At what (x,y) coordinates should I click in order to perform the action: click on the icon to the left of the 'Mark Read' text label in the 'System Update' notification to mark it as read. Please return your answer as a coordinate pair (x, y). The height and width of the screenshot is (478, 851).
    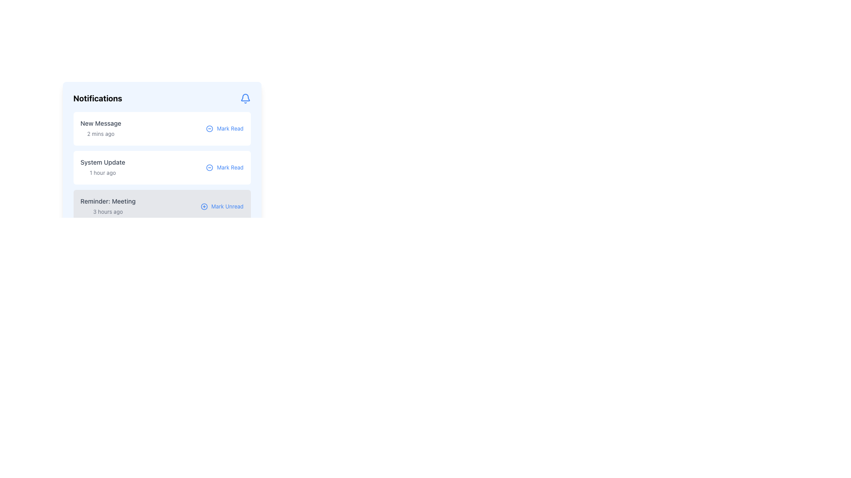
    Looking at the image, I should click on (209, 167).